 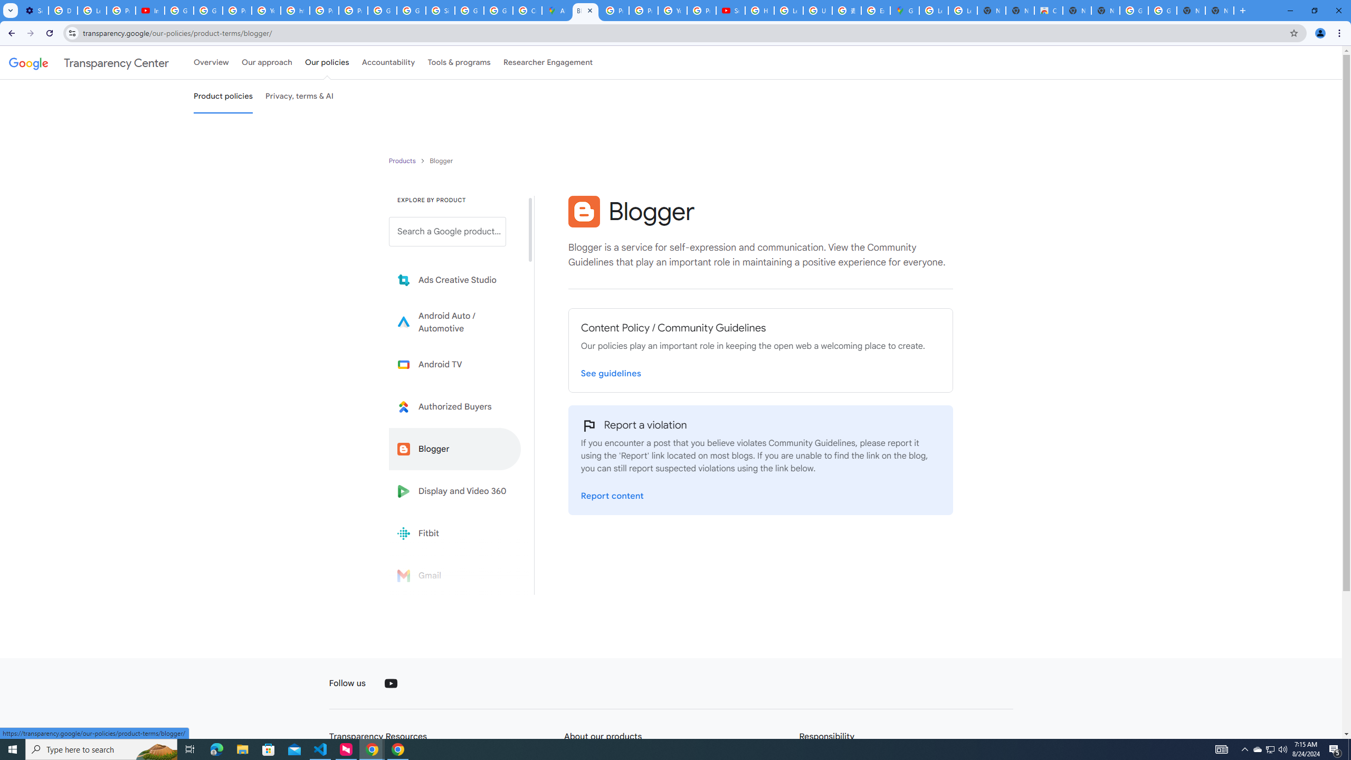 What do you see at coordinates (34, 10) in the screenshot?
I see `'Settings - Performance'` at bounding box center [34, 10].